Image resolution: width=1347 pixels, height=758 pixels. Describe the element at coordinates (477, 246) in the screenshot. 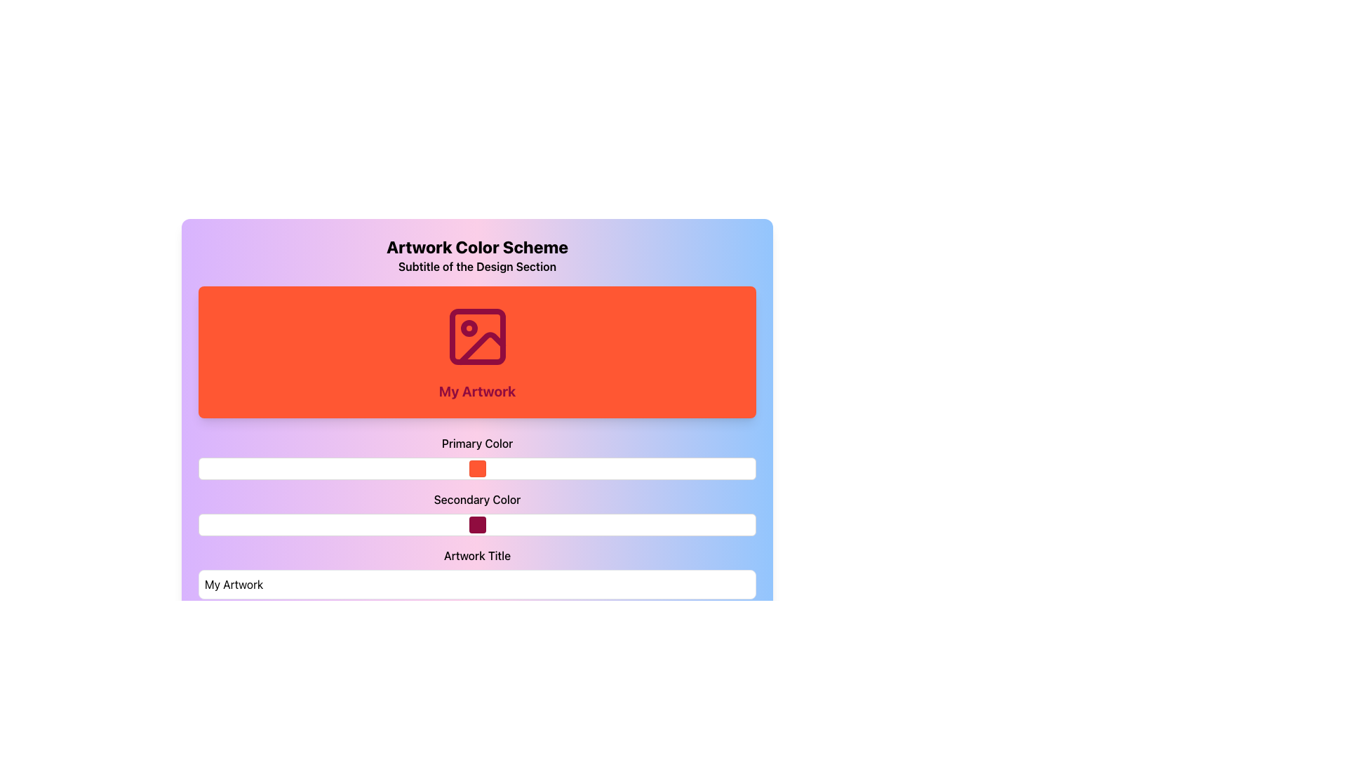

I see `the Header or Title Text element, which serves as the main title for the section and is positioned above the subtitle 'Subtitle of the Design Section'` at that location.